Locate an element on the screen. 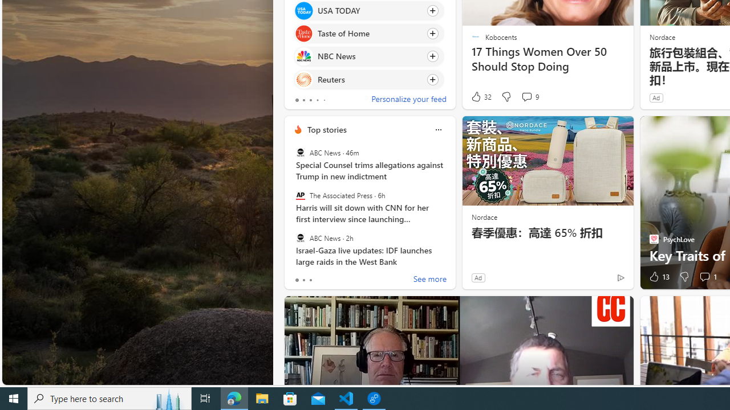 This screenshot has width=730, height=410. 'More options' is located at coordinates (437, 129).